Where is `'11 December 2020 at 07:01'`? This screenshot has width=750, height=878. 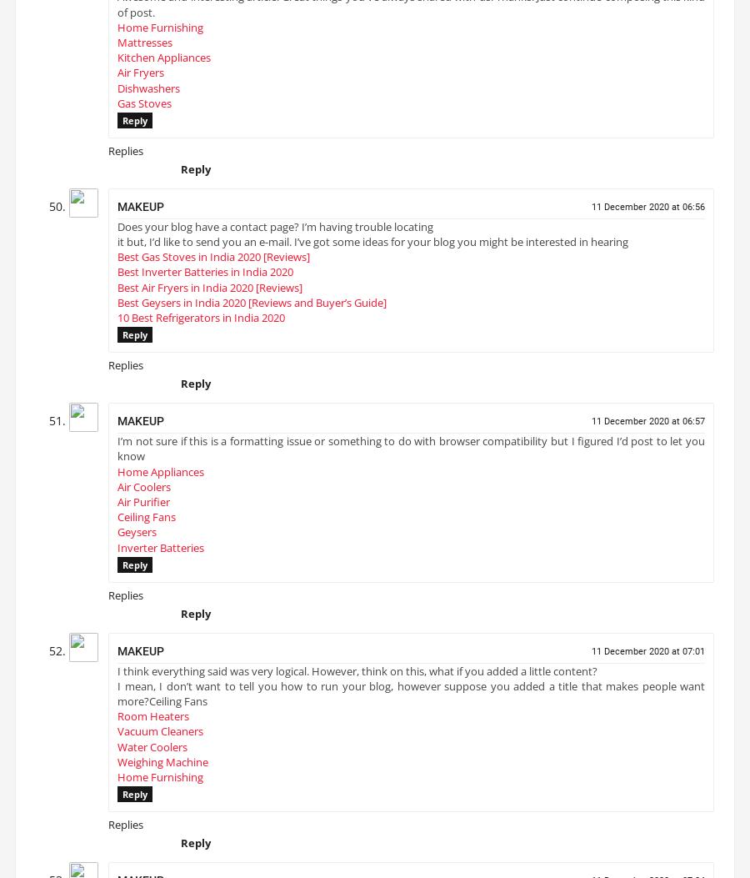
'11 December 2020 at 07:01' is located at coordinates (647, 657).